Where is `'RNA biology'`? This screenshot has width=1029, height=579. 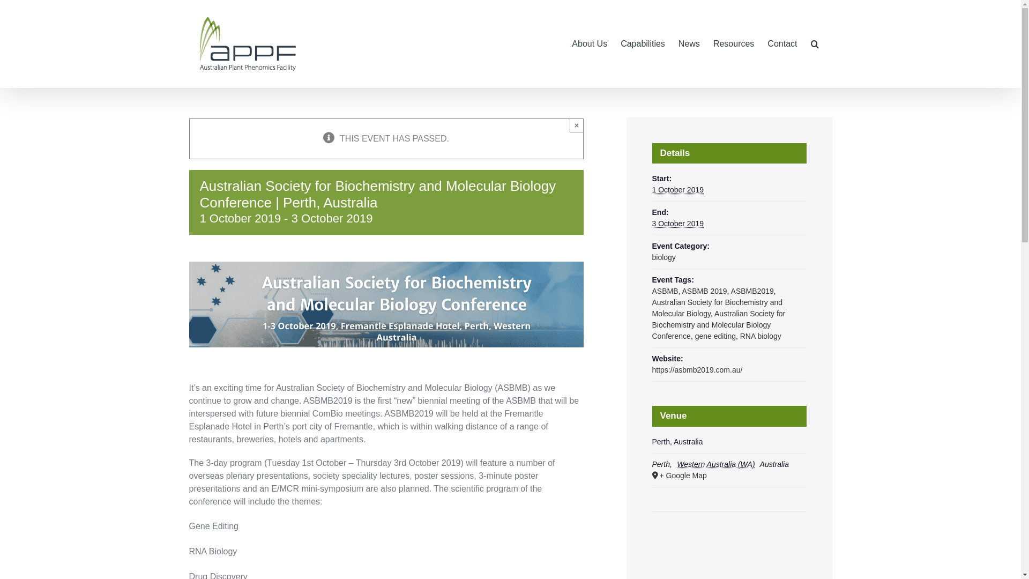 'RNA biology' is located at coordinates (740, 336).